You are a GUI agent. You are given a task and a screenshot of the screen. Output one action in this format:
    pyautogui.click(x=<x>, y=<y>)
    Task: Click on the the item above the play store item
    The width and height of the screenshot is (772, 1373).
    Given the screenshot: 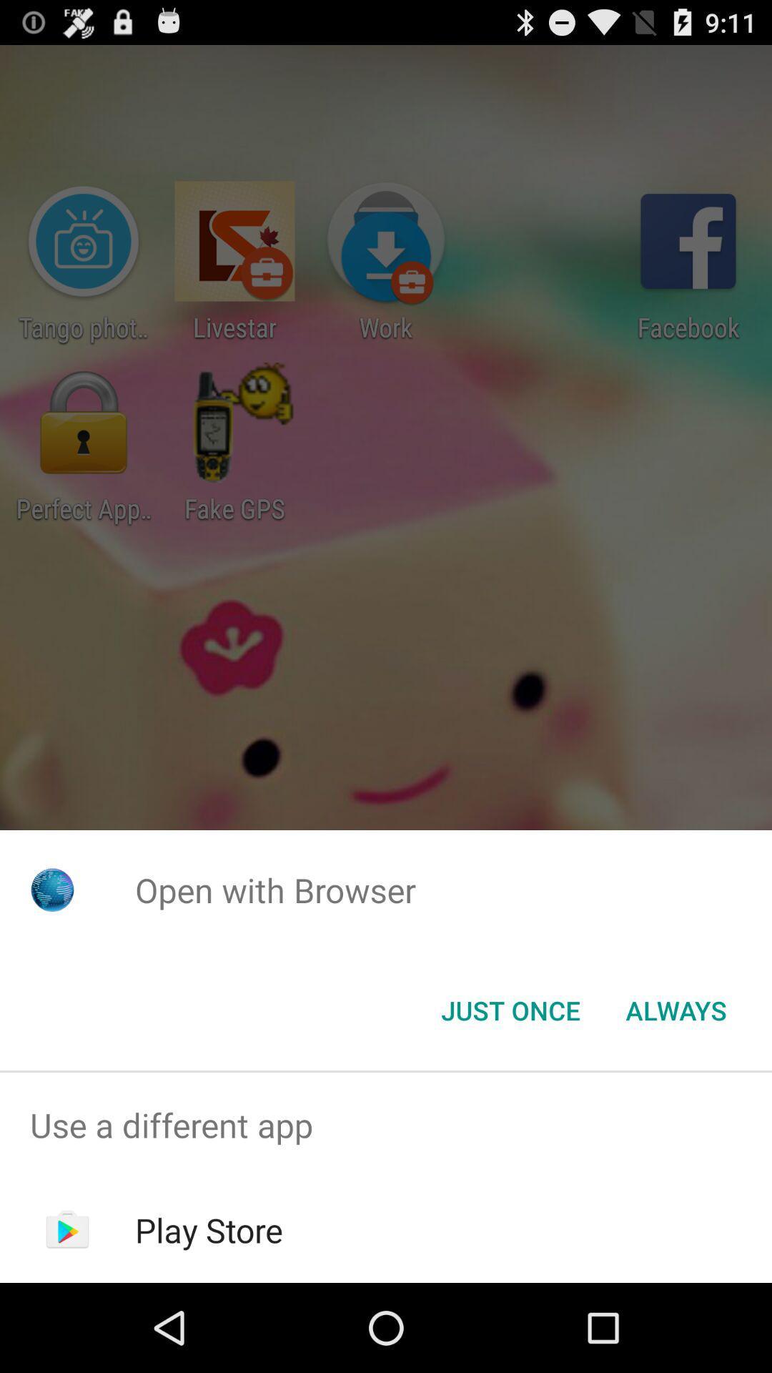 What is the action you would take?
    pyautogui.click(x=386, y=1124)
    